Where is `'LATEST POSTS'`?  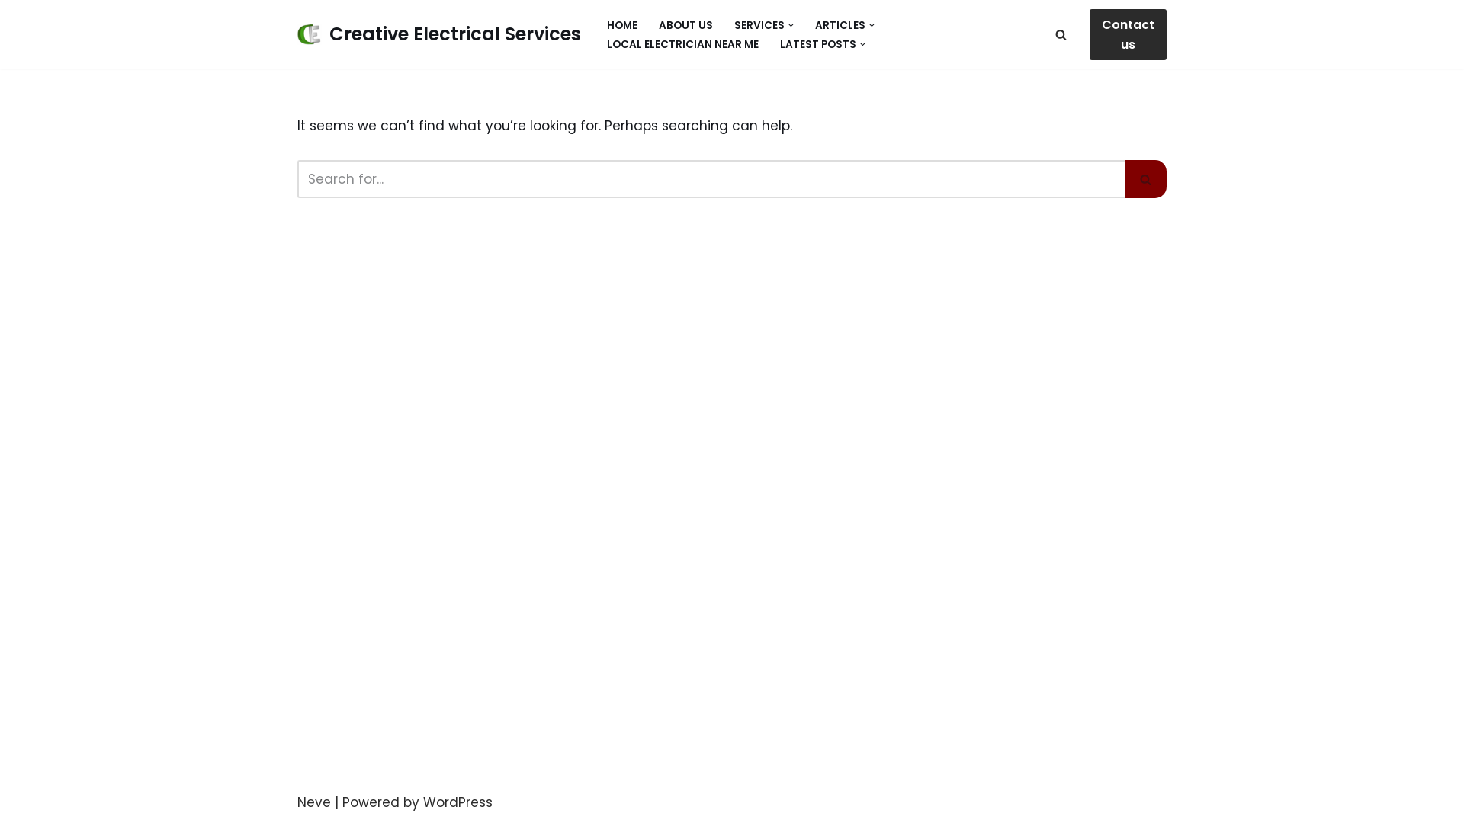
'LATEST POSTS' is located at coordinates (779, 43).